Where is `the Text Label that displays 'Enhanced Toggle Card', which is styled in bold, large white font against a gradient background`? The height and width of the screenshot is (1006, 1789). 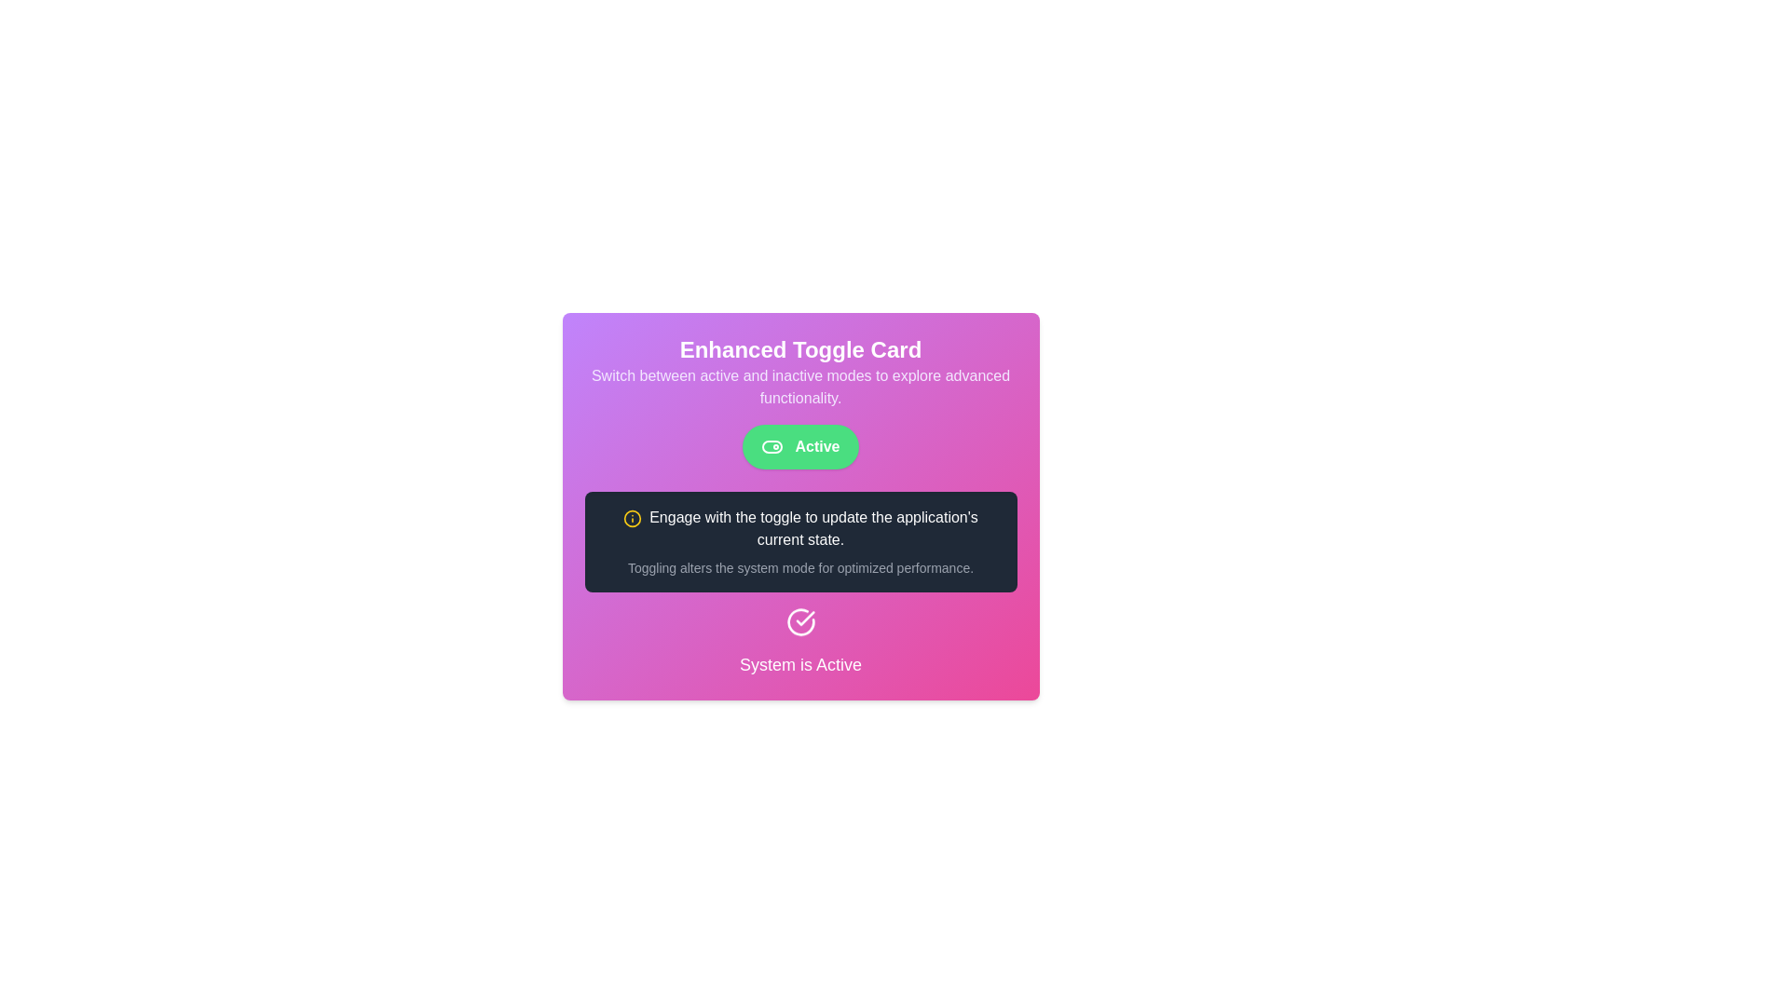
the Text Label that displays 'Enhanced Toggle Card', which is styled in bold, large white font against a gradient background is located at coordinates (800, 349).